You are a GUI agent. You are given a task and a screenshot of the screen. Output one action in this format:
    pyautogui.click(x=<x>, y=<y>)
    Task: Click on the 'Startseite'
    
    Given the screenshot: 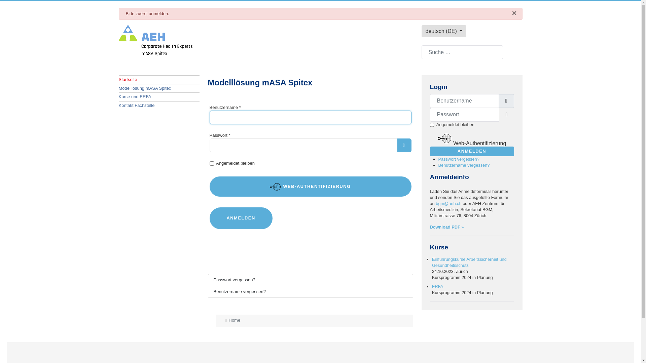 What is the action you would take?
    pyautogui.click(x=158, y=79)
    